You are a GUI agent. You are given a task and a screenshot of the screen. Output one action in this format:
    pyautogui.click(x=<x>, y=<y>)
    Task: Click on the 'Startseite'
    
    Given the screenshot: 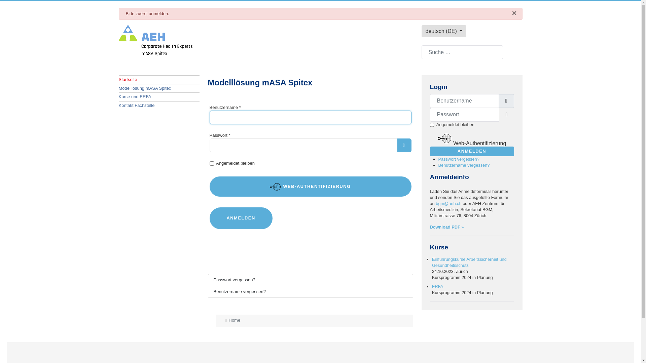 What is the action you would take?
    pyautogui.click(x=158, y=79)
    